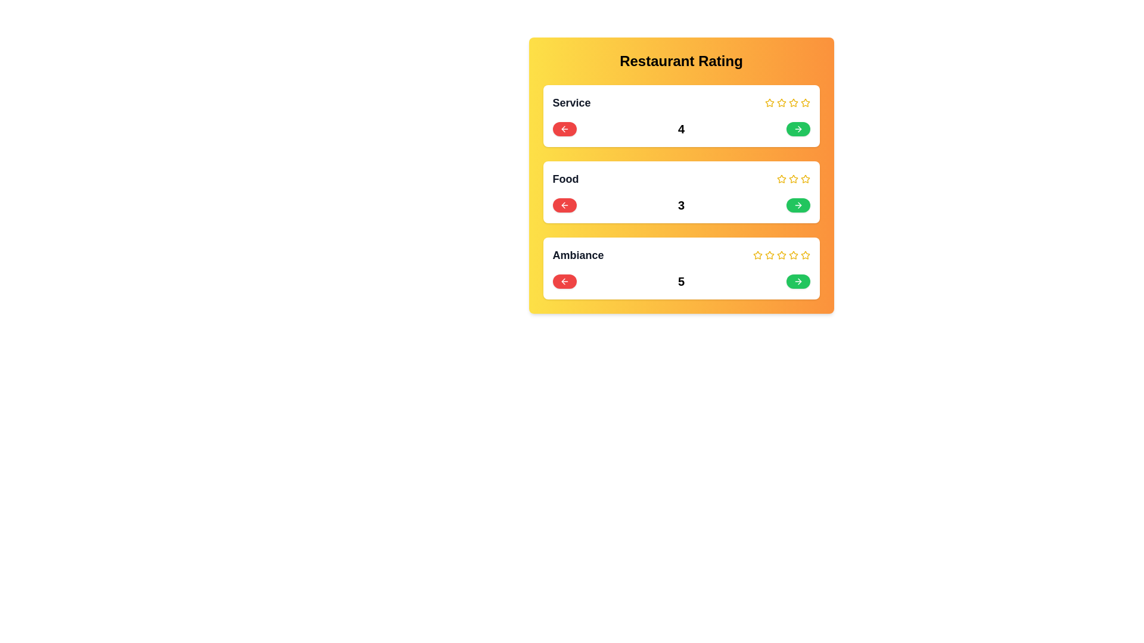 This screenshot has height=643, width=1144. I want to click on the yellow star icon with a hollow center, the second star from the left in the 'Service' rating row, so click(792, 102).